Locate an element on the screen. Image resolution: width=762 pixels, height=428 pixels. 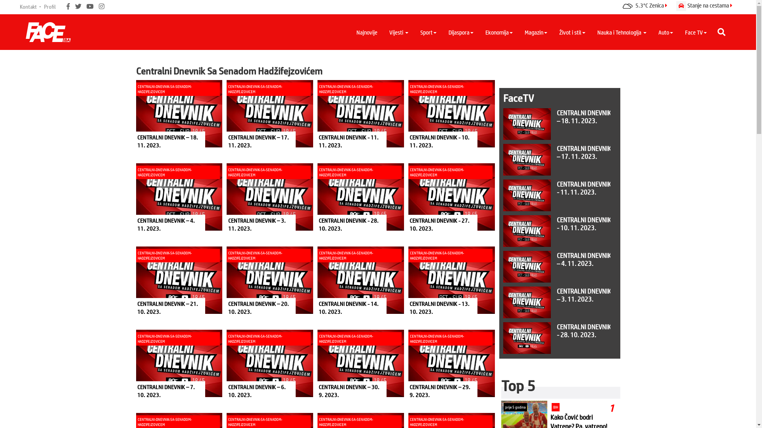
'Najnovije' is located at coordinates (366, 32).